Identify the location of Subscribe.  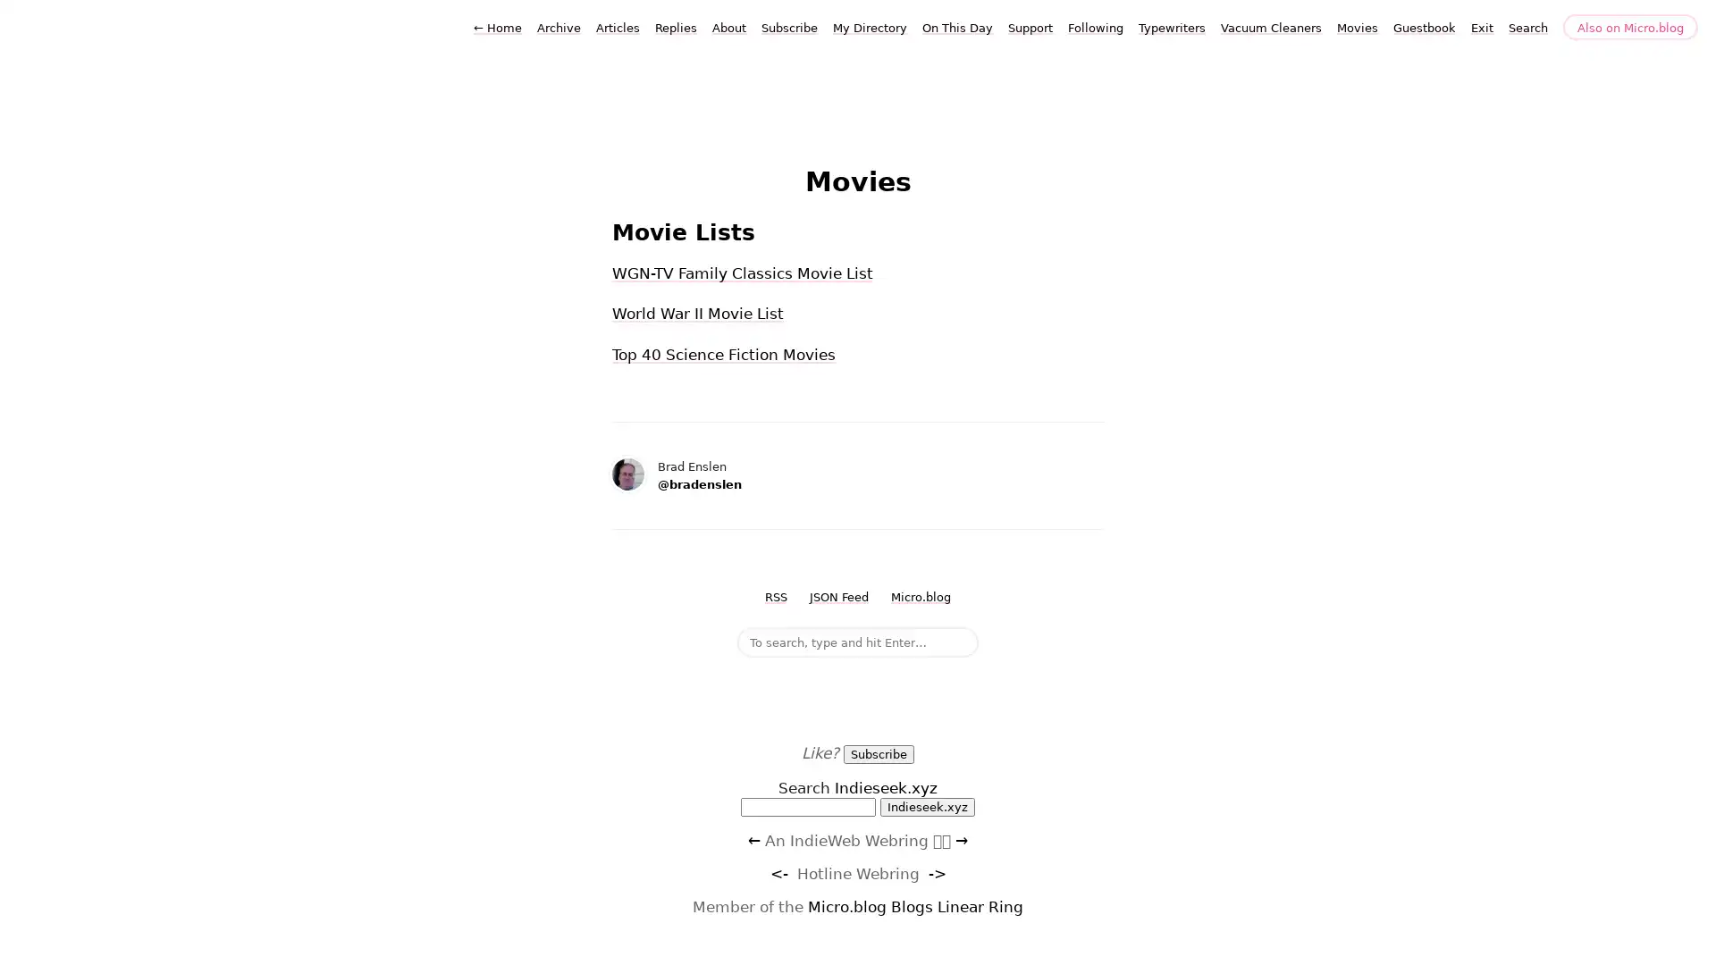
(879, 754).